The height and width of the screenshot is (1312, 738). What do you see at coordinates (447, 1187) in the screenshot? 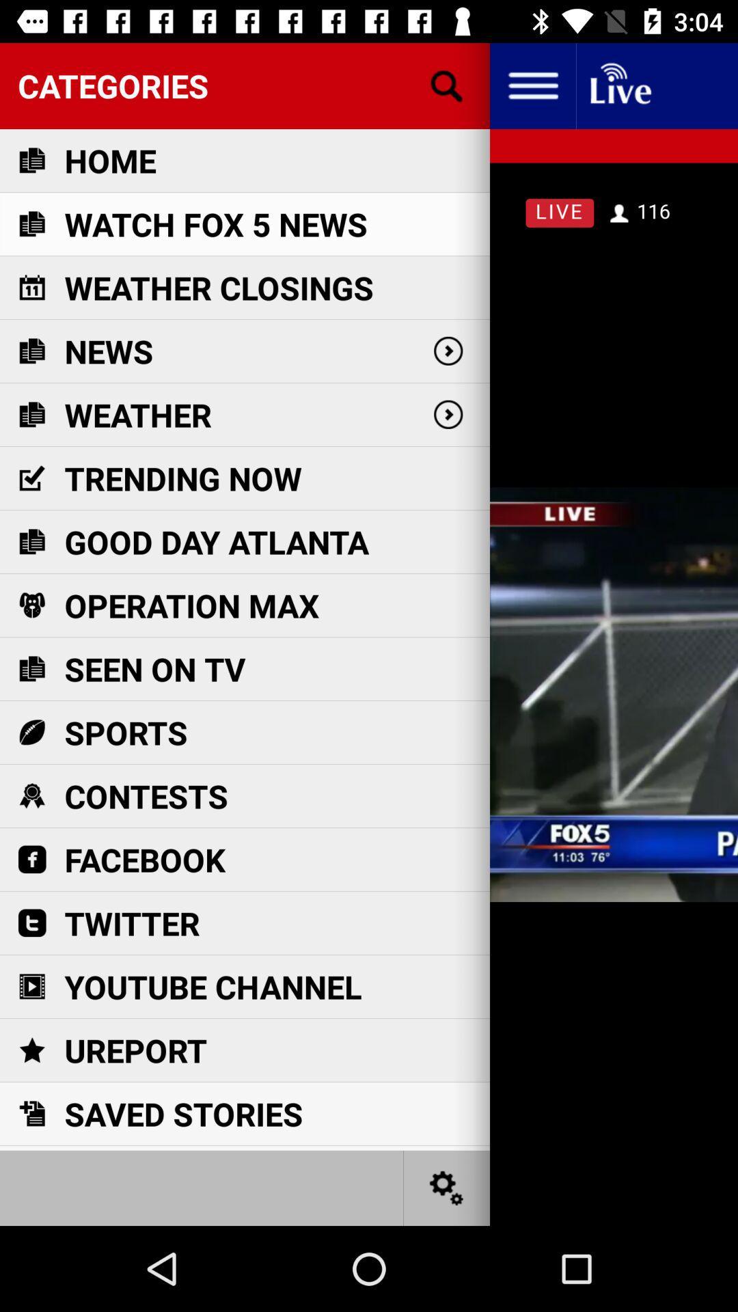
I see `settings` at bounding box center [447, 1187].